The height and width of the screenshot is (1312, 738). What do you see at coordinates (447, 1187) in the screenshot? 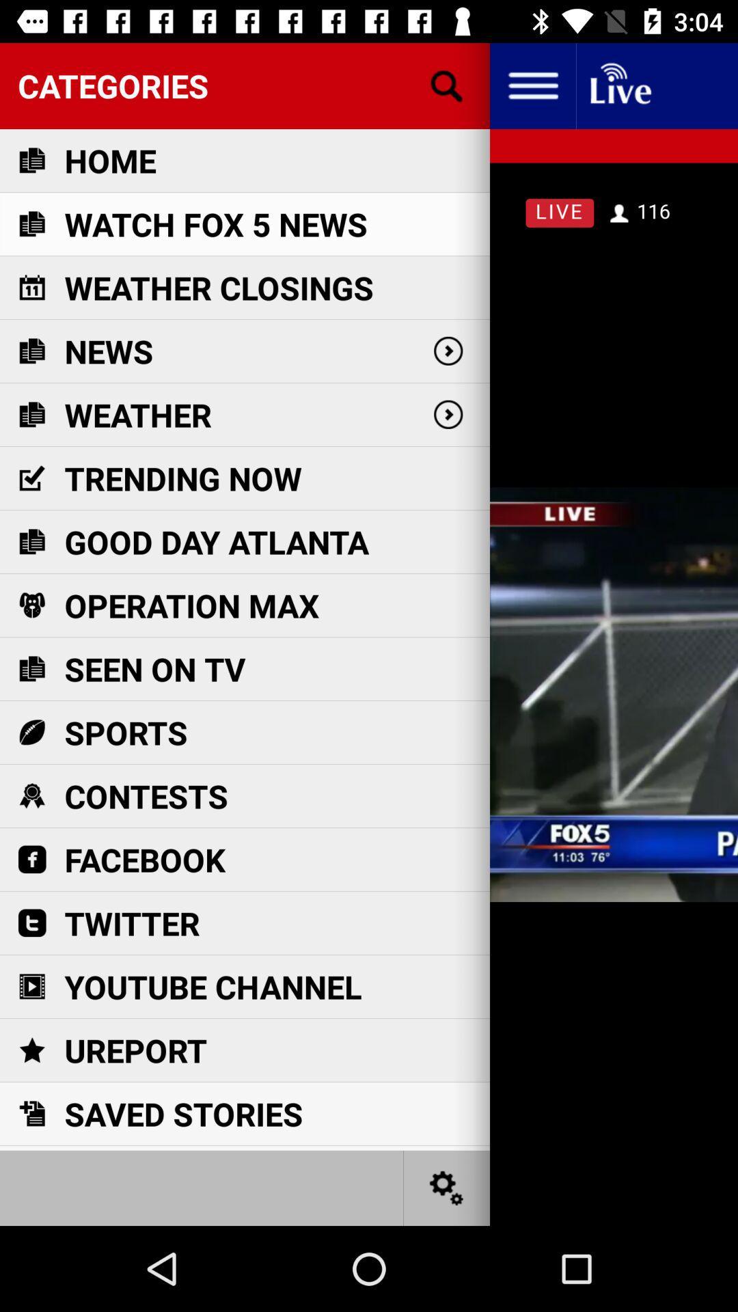
I see `settings` at bounding box center [447, 1187].